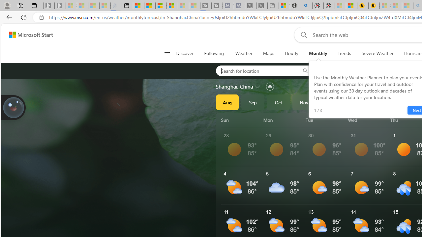  I want to click on 'Newsletter Sign Up - Sleeping', so click(60, 6).